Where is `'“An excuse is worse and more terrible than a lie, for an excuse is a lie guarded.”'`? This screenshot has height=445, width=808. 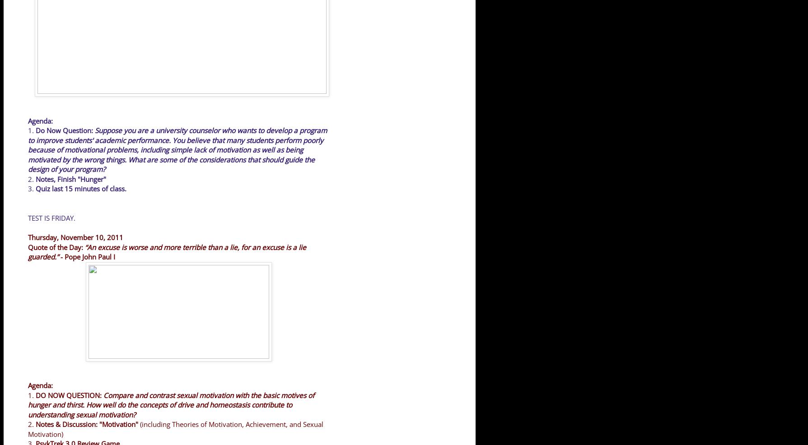
'“An excuse is worse and more terrible than a lie, for an excuse is a lie guarded.”' is located at coordinates (166, 251).